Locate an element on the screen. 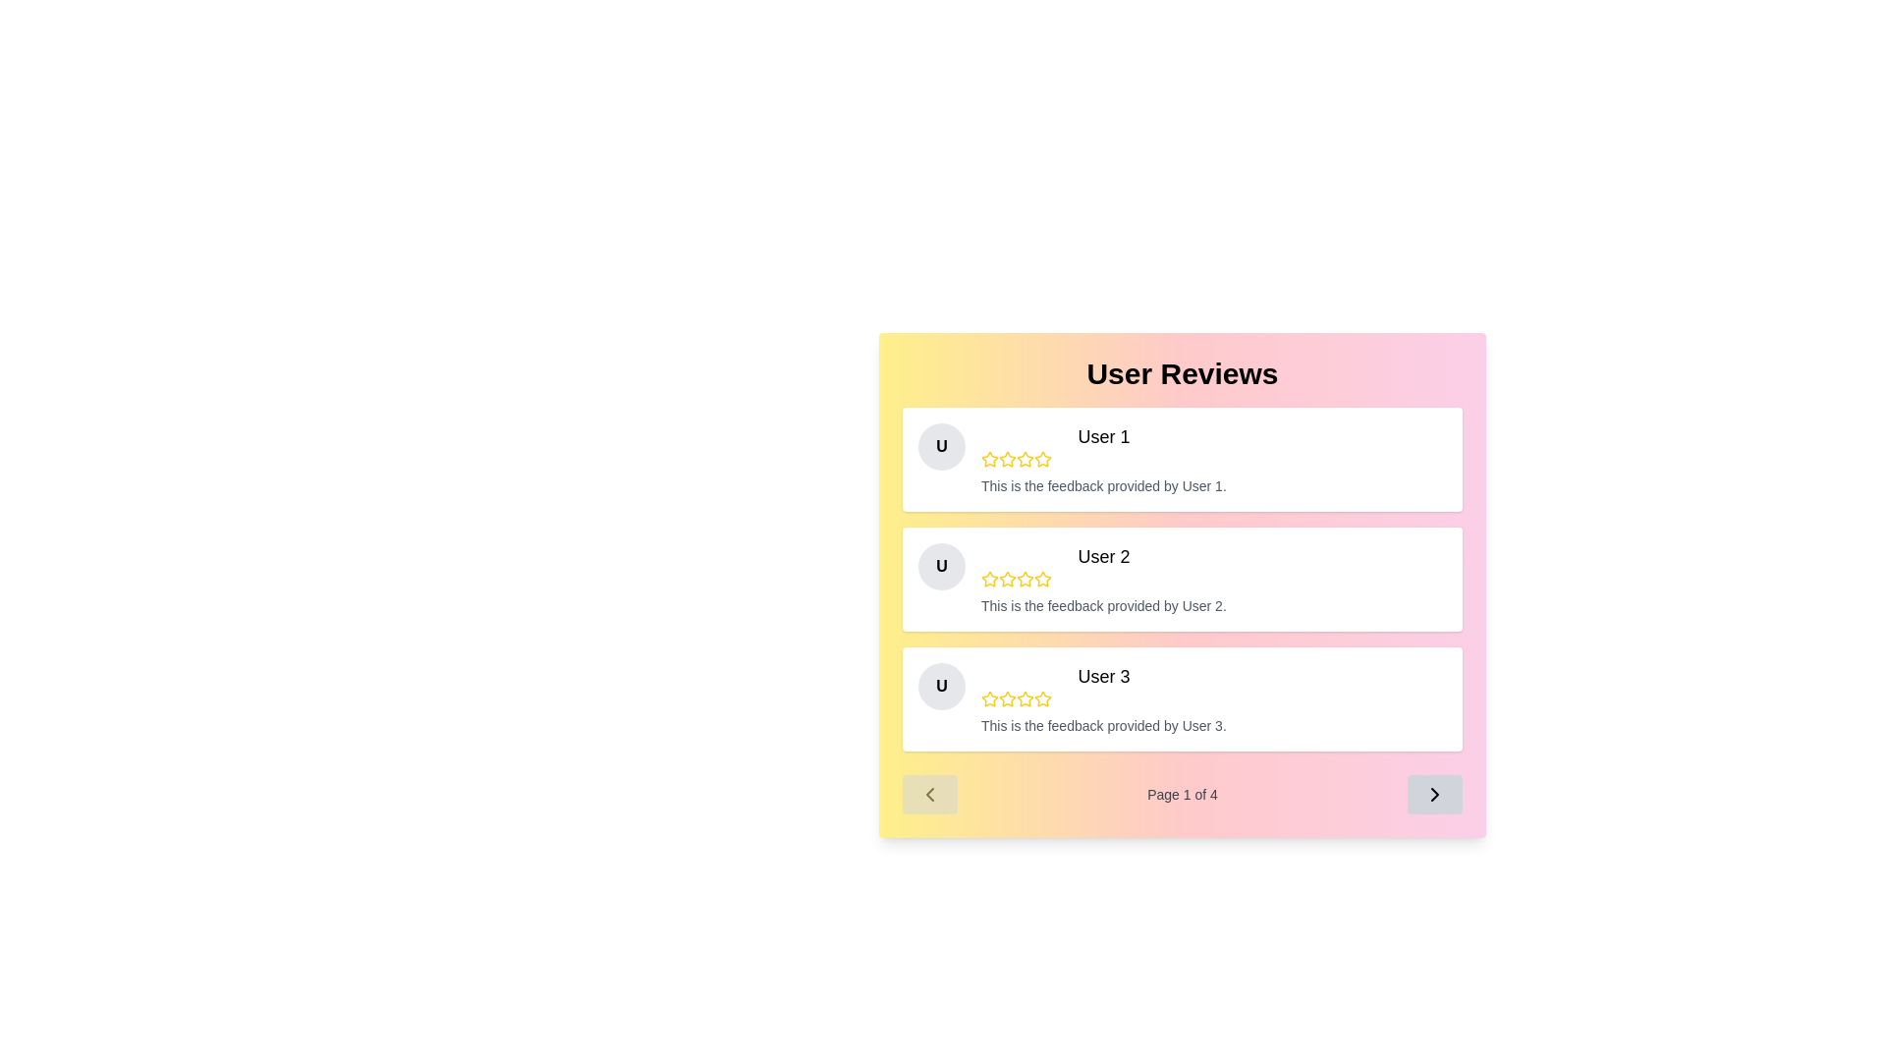 Image resolution: width=1886 pixels, height=1061 pixels. text label 'User 1' which is displayed in bold and larger font at the top of the first review card, located above the yellow star icon group is located at coordinates (1103, 435).